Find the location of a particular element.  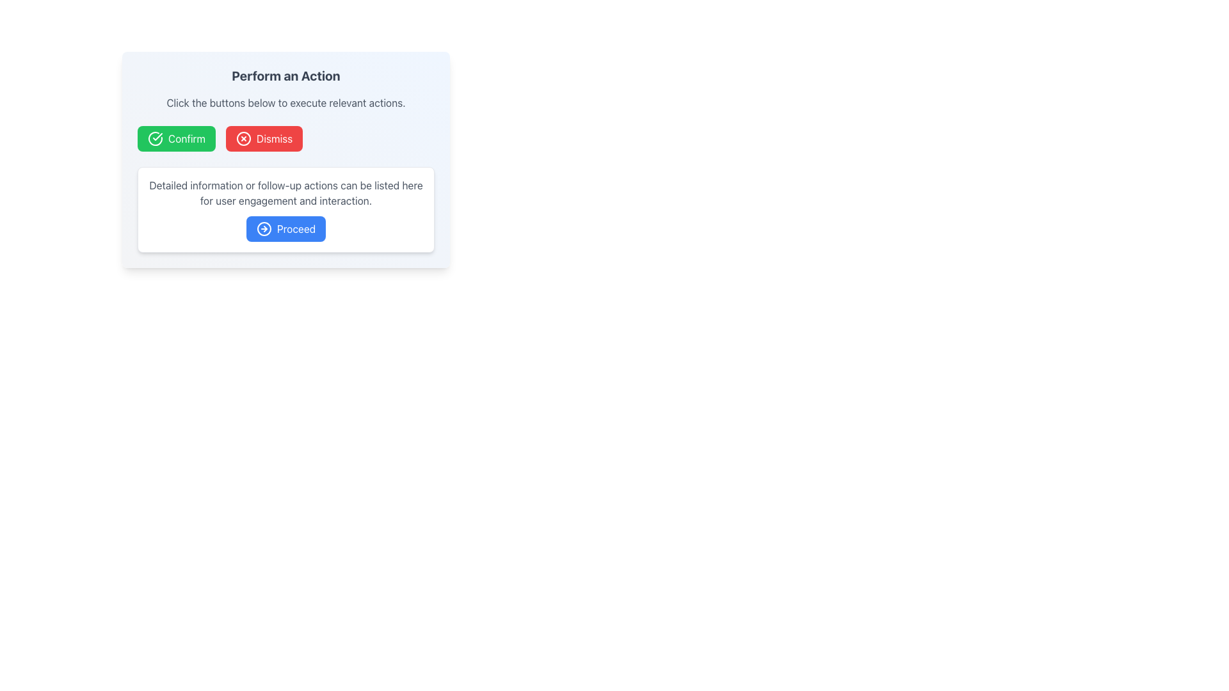

the blue circular graphic with a thick border located centrally within the composite icon in the lower-right section of the card-like interface is located at coordinates (263, 228).